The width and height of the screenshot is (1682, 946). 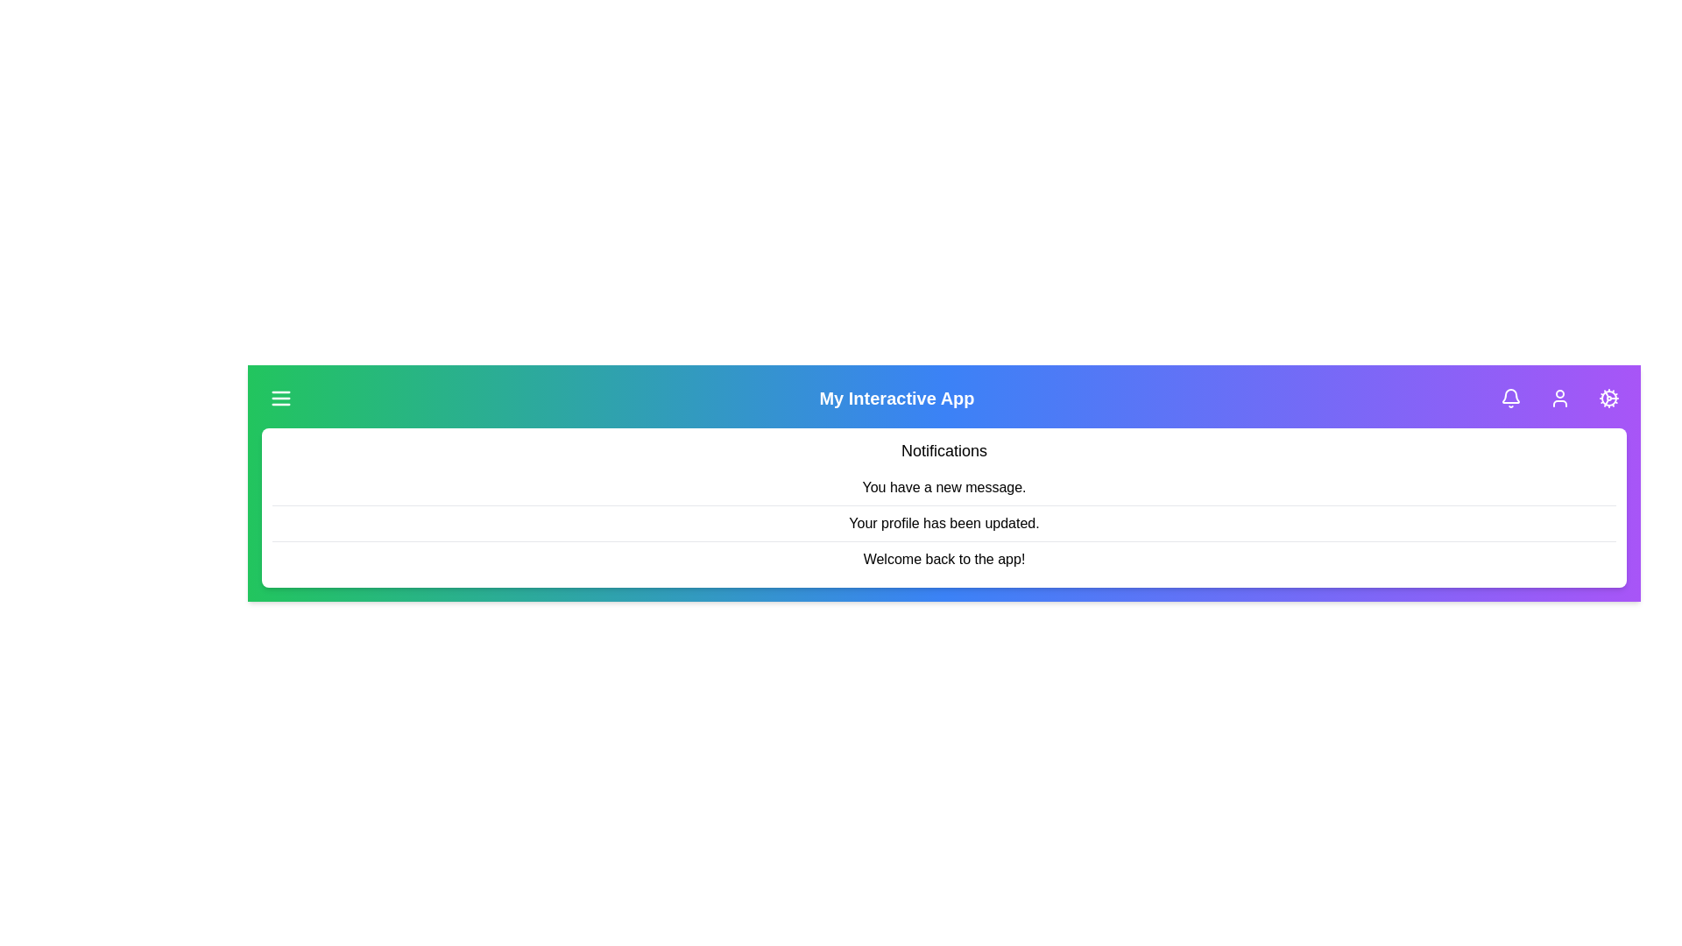 I want to click on the text 'You have a new message.' from the notification panel, so click(x=943, y=488).